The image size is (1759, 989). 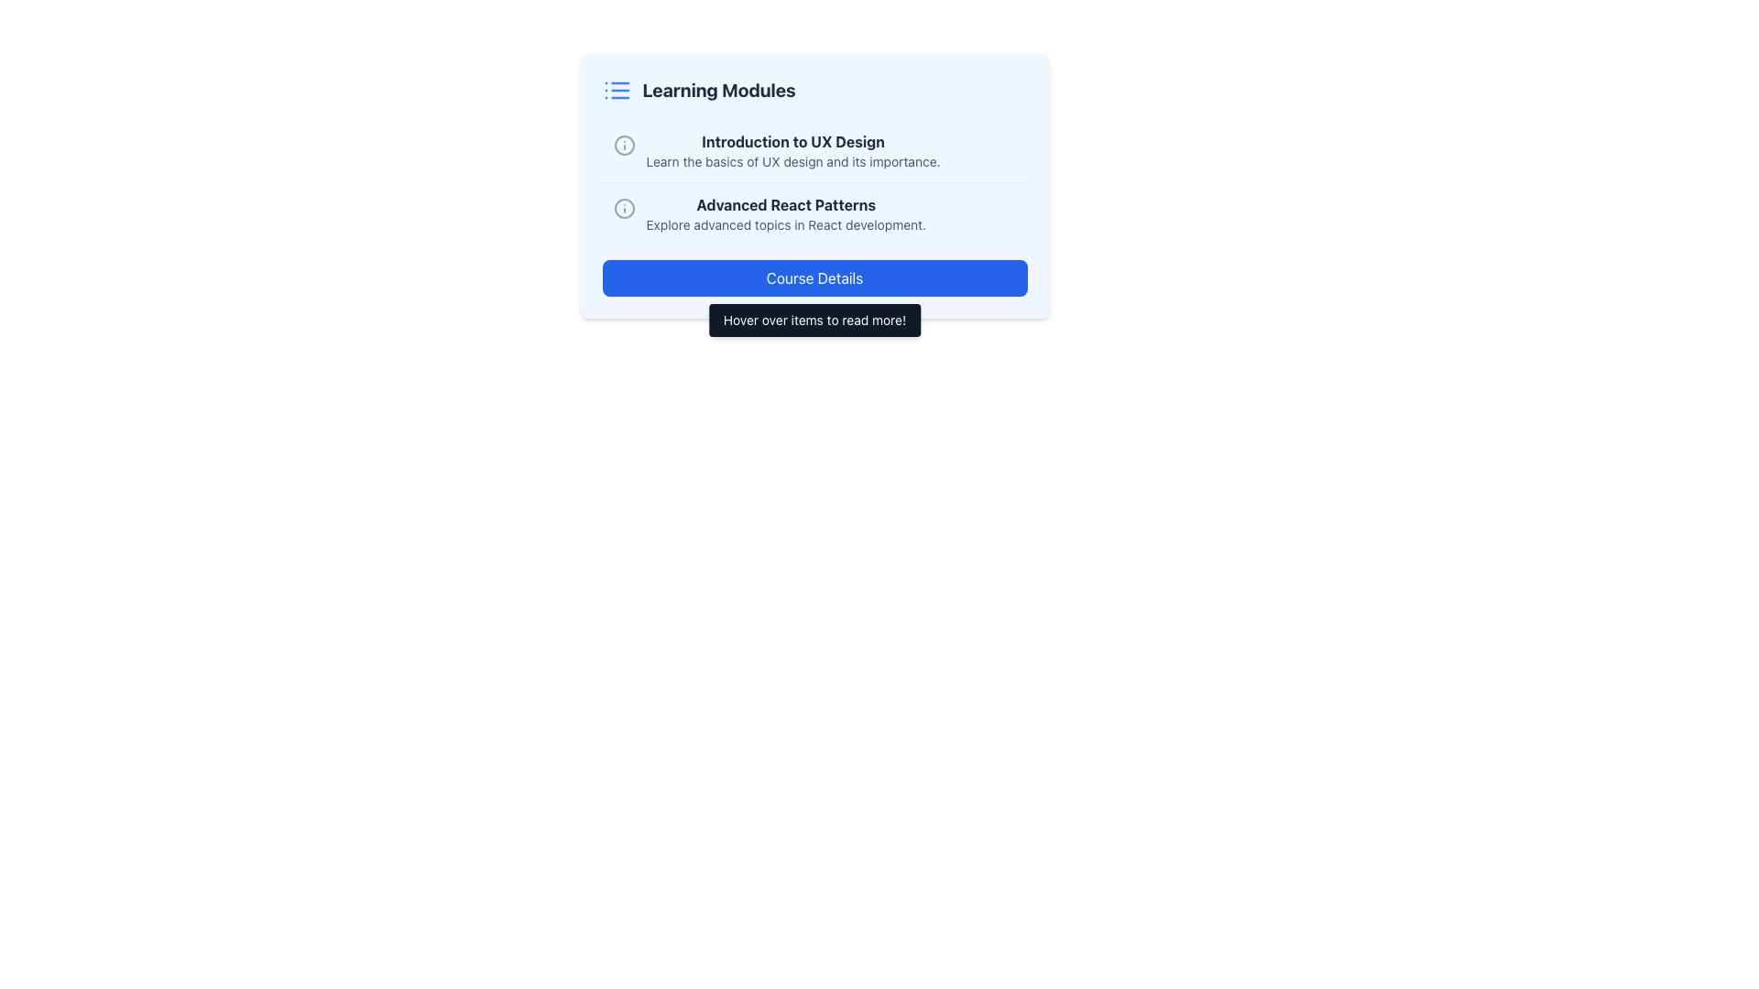 I want to click on descriptive text located below the 'Advanced React Patterns' title in the 'Learning Modules' panel, which provides further details about advanced React patterns, so click(x=786, y=224).